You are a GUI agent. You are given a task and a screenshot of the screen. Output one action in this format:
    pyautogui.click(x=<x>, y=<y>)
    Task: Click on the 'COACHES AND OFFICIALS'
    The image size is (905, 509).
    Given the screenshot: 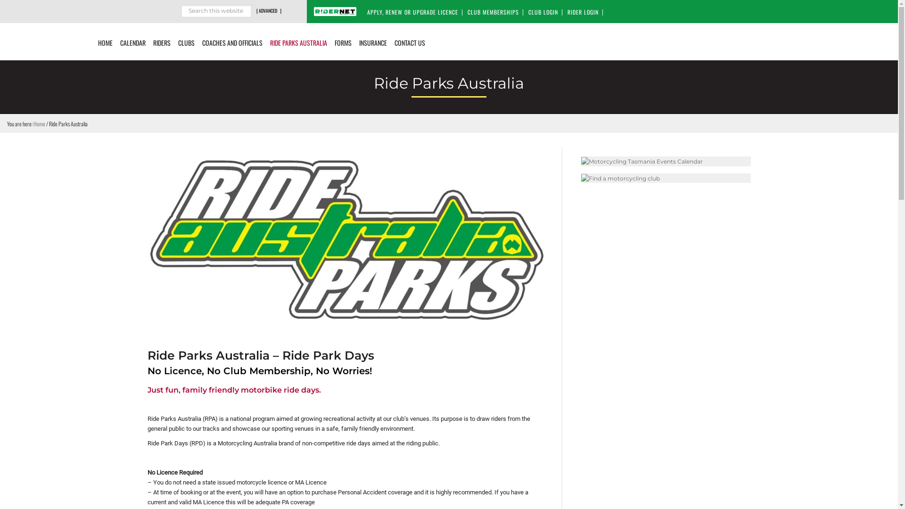 What is the action you would take?
    pyautogui.click(x=198, y=41)
    